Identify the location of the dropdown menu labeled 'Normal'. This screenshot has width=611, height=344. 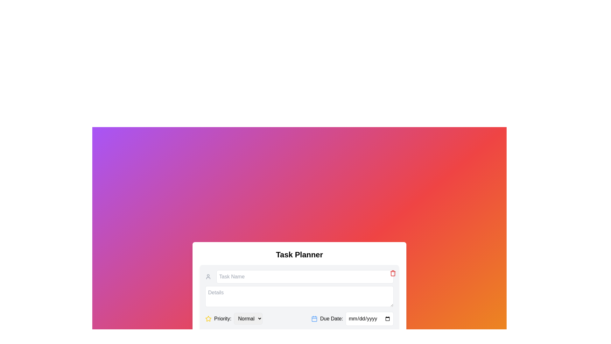
(248, 319).